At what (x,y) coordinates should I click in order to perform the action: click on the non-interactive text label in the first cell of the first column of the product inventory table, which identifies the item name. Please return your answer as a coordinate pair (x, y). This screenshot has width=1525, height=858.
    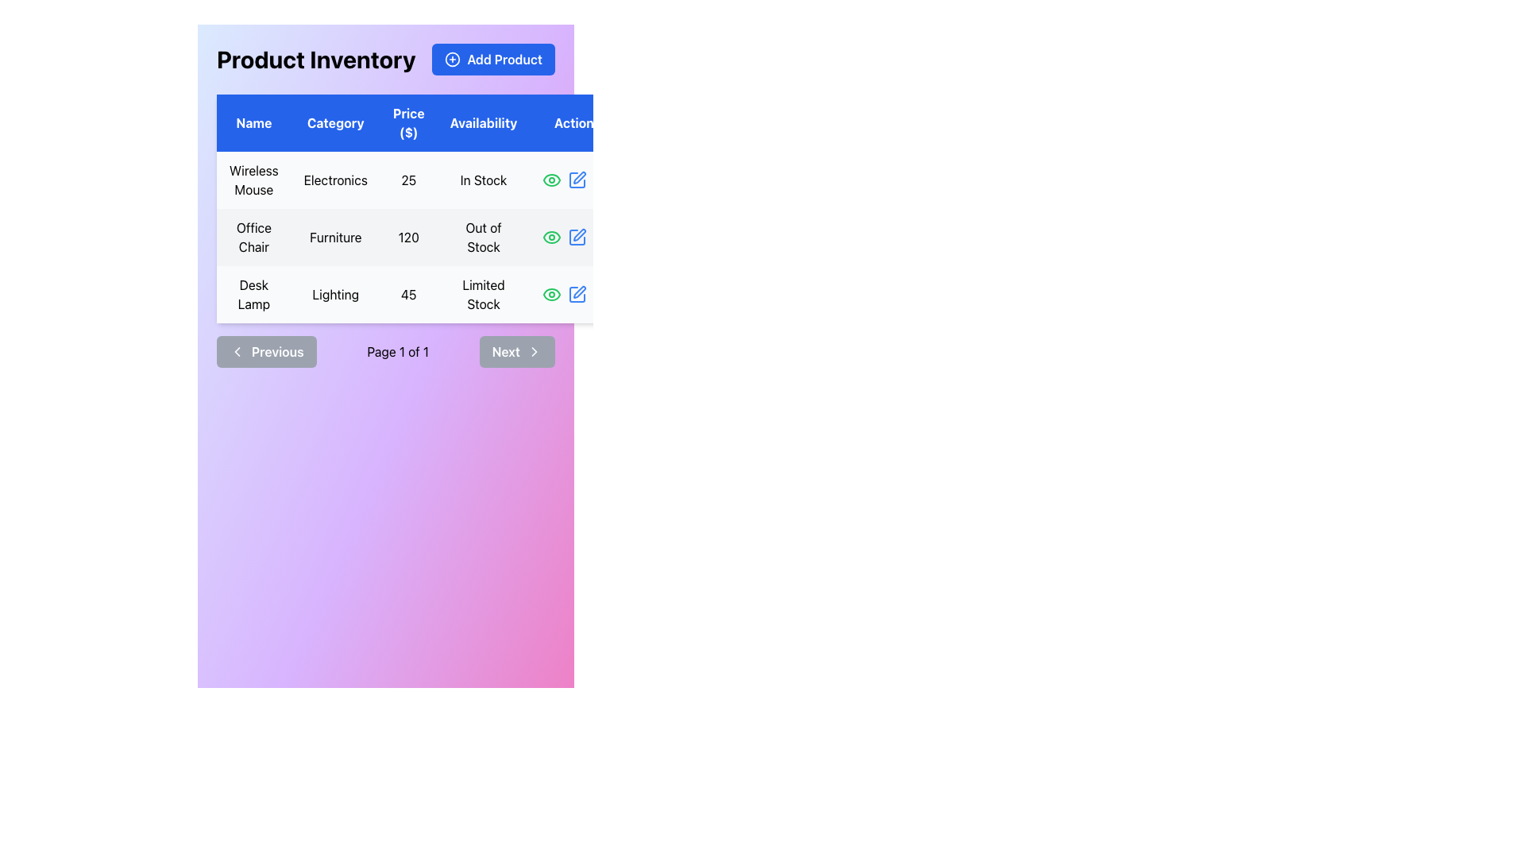
    Looking at the image, I should click on (253, 180).